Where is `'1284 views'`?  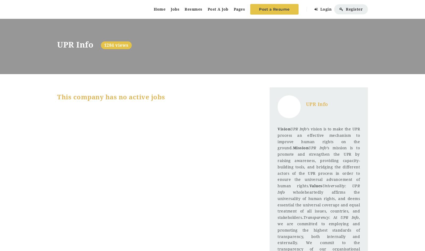
'1284 views' is located at coordinates (116, 45).